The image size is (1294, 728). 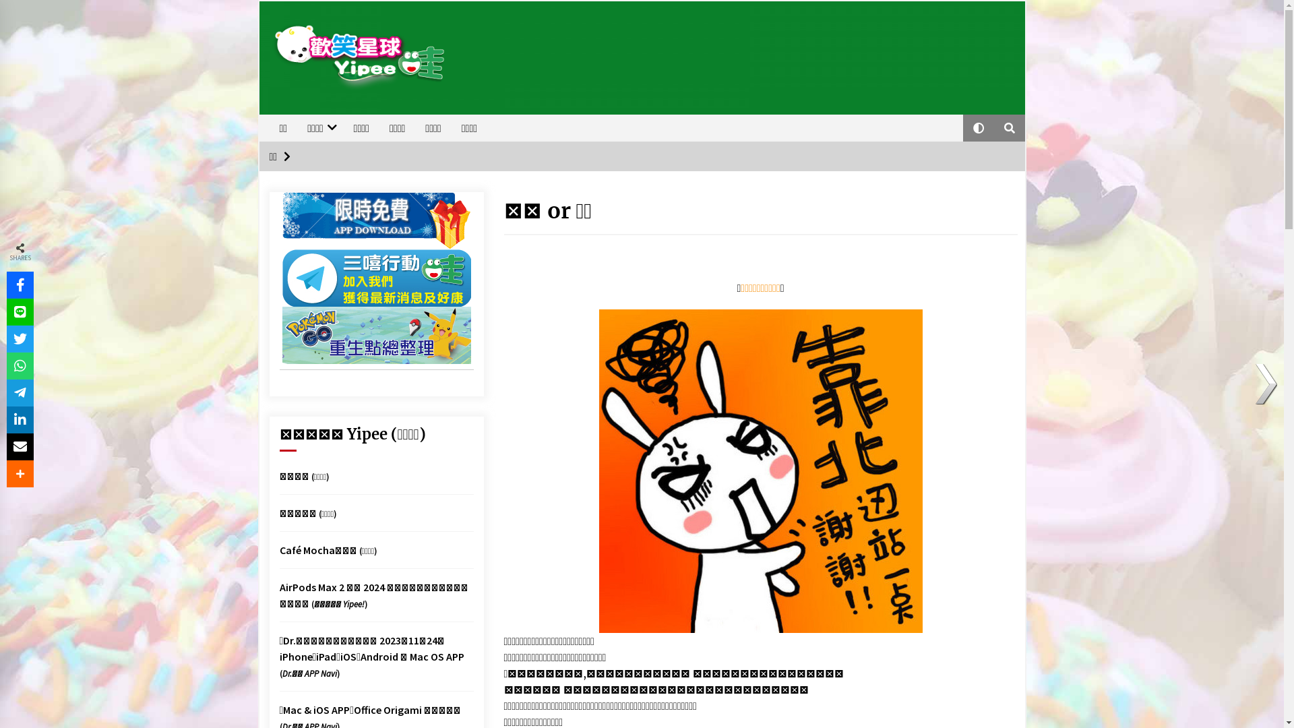 I want to click on 'Email this ', so click(x=20, y=447).